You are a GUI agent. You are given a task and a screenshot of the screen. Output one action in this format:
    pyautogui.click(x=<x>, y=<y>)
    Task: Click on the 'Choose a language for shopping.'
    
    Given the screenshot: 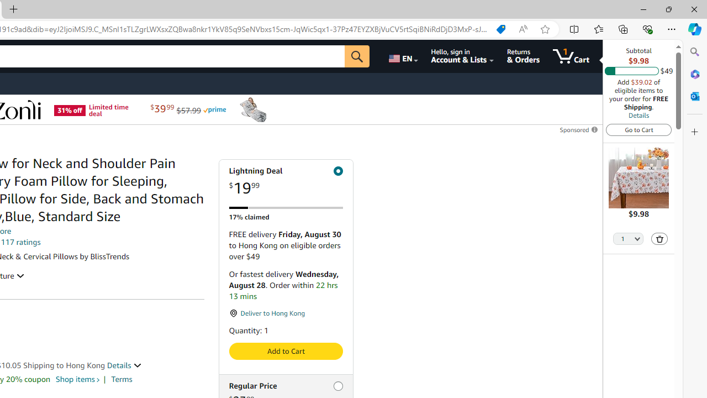 What is the action you would take?
    pyautogui.click(x=402, y=56)
    